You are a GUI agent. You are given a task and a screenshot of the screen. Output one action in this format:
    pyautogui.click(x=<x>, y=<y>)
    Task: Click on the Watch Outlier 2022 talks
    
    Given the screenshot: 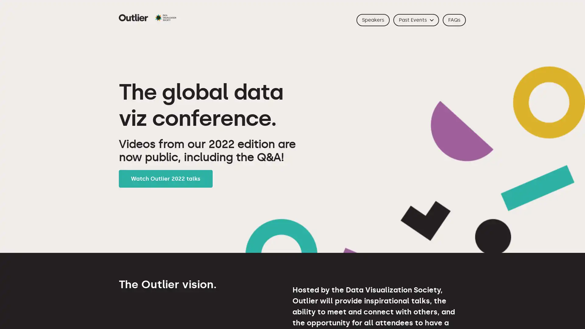 What is the action you would take?
    pyautogui.click(x=165, y=178)
    